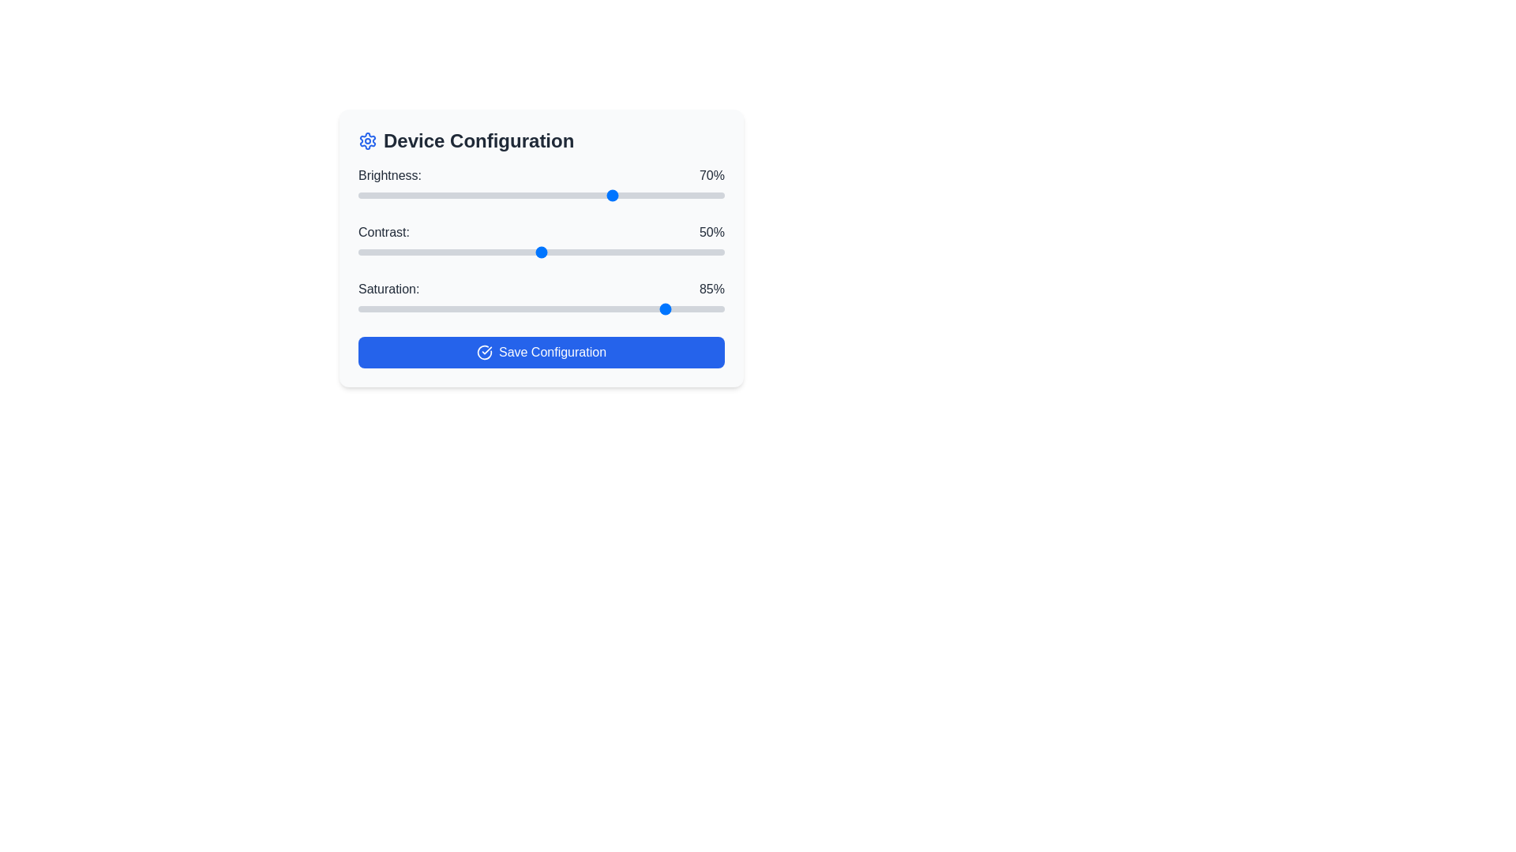 The image size is (1516, 852). What do you see at coordinates (527, 309) in the screenshot?
I see `saturation` at bounding box center [527, 309].